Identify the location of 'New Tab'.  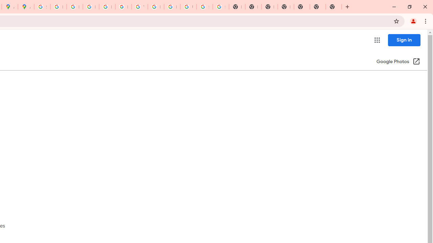
(317, 7).